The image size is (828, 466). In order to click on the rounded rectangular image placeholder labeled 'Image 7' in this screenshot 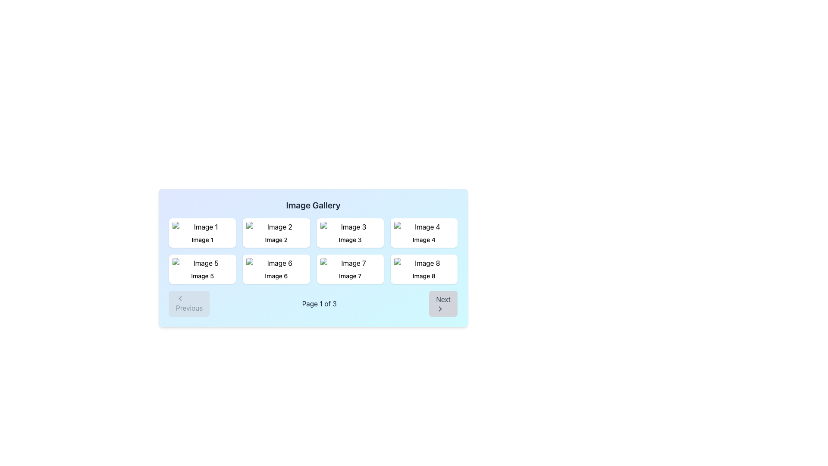, I will do `click(350, 262)`.